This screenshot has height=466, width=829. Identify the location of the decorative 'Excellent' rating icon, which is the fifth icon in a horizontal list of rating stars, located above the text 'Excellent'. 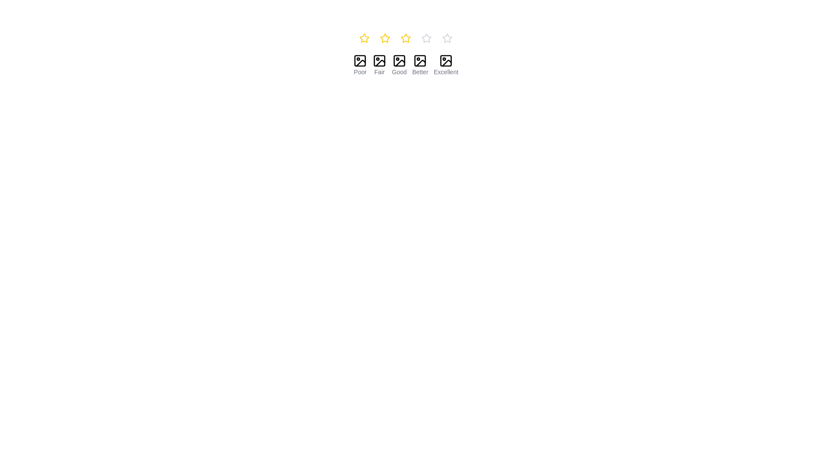
(446, 60).